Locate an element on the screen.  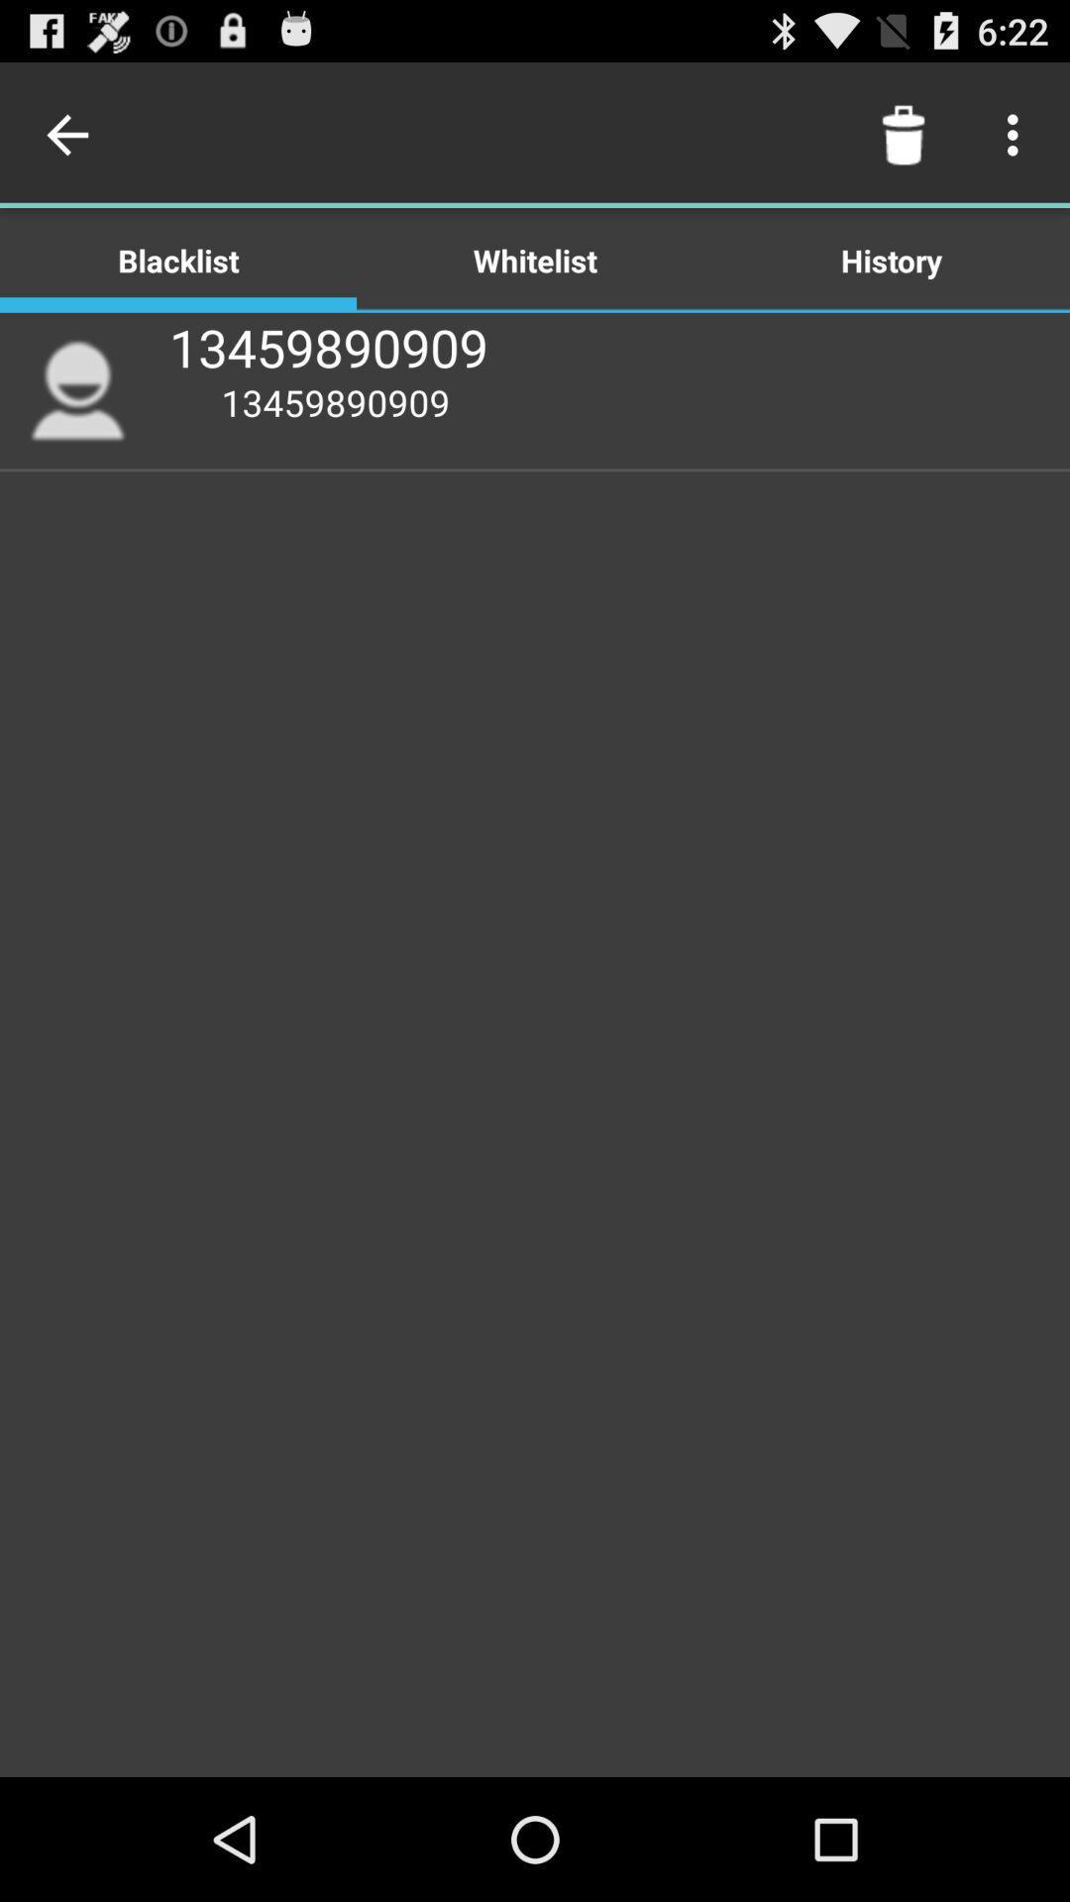
the item above history item is located at coordinates (1017, 134).